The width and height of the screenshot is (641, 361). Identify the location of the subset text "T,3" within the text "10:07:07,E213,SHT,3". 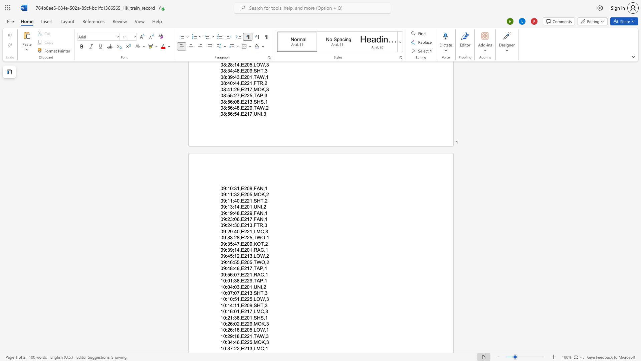
(260, 292).